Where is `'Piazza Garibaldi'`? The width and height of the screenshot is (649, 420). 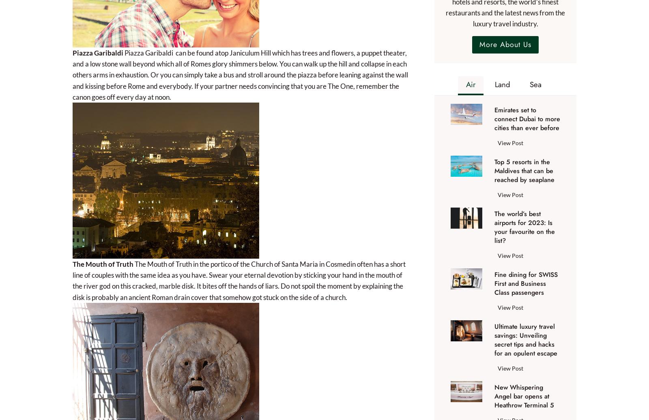 'Piazza Garibaldi' is located at coordinates (98, 53).